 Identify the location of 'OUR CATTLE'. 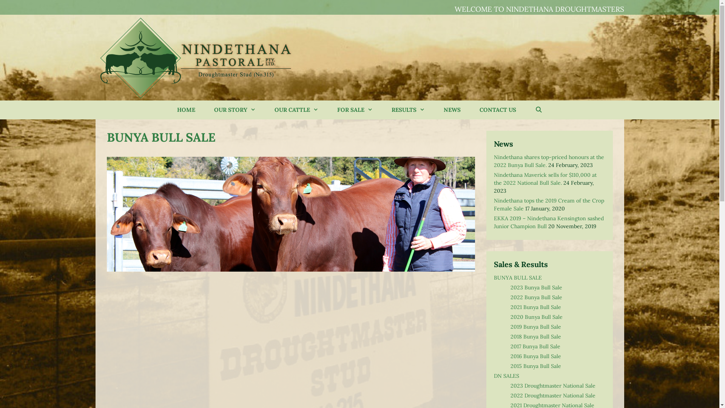
(296, 110).